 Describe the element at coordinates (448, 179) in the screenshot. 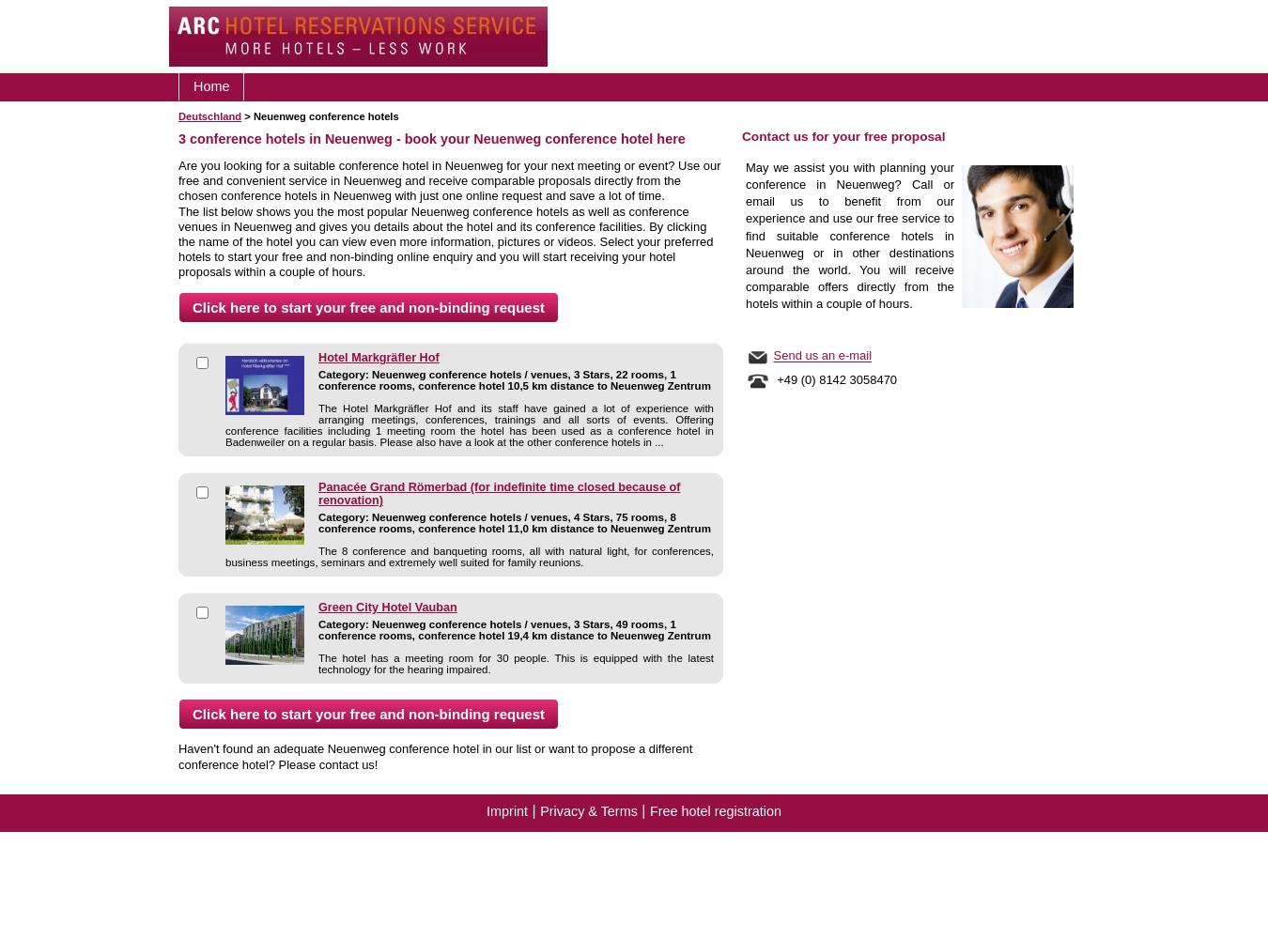

I see `'Are you looking for a suitable conference hotel in Neuenweg for your next meeting or event? Use our free and convenient service in Neuenweg and receive comparable proposals directly from the chosen conference hotels in Neuenweg with just one online request and save a lot of time.'` at that location.